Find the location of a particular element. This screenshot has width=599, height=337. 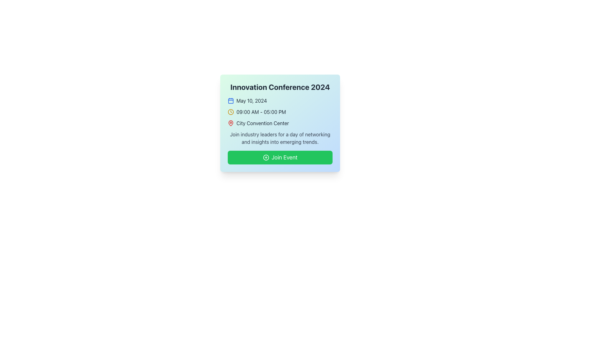

the icon that marks the location associated with 'City Convention Center' is located at coordinates (230, 123).